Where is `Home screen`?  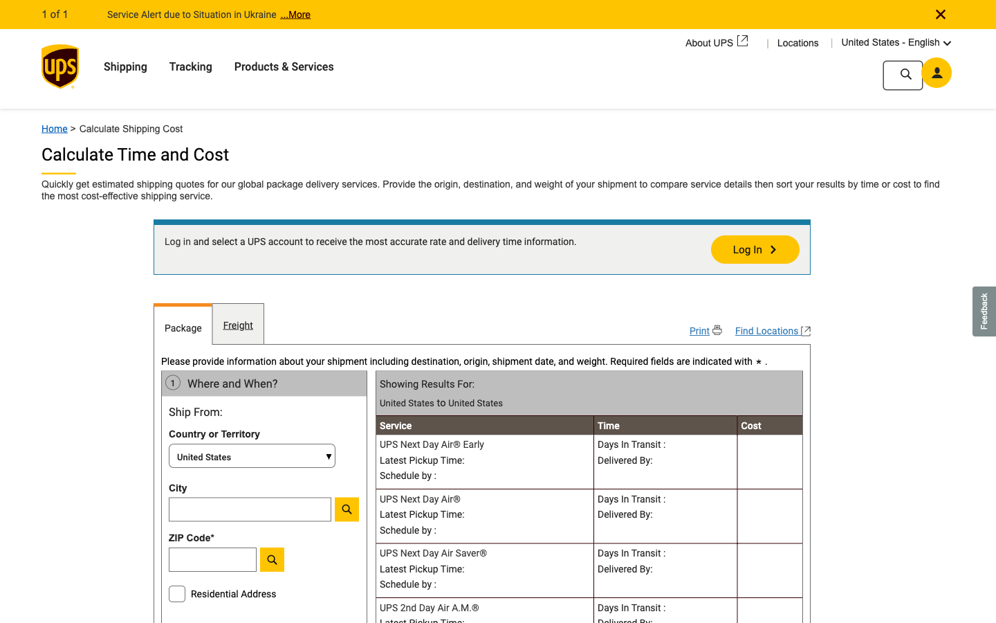
Home screen is located at coordinates (59, 124).